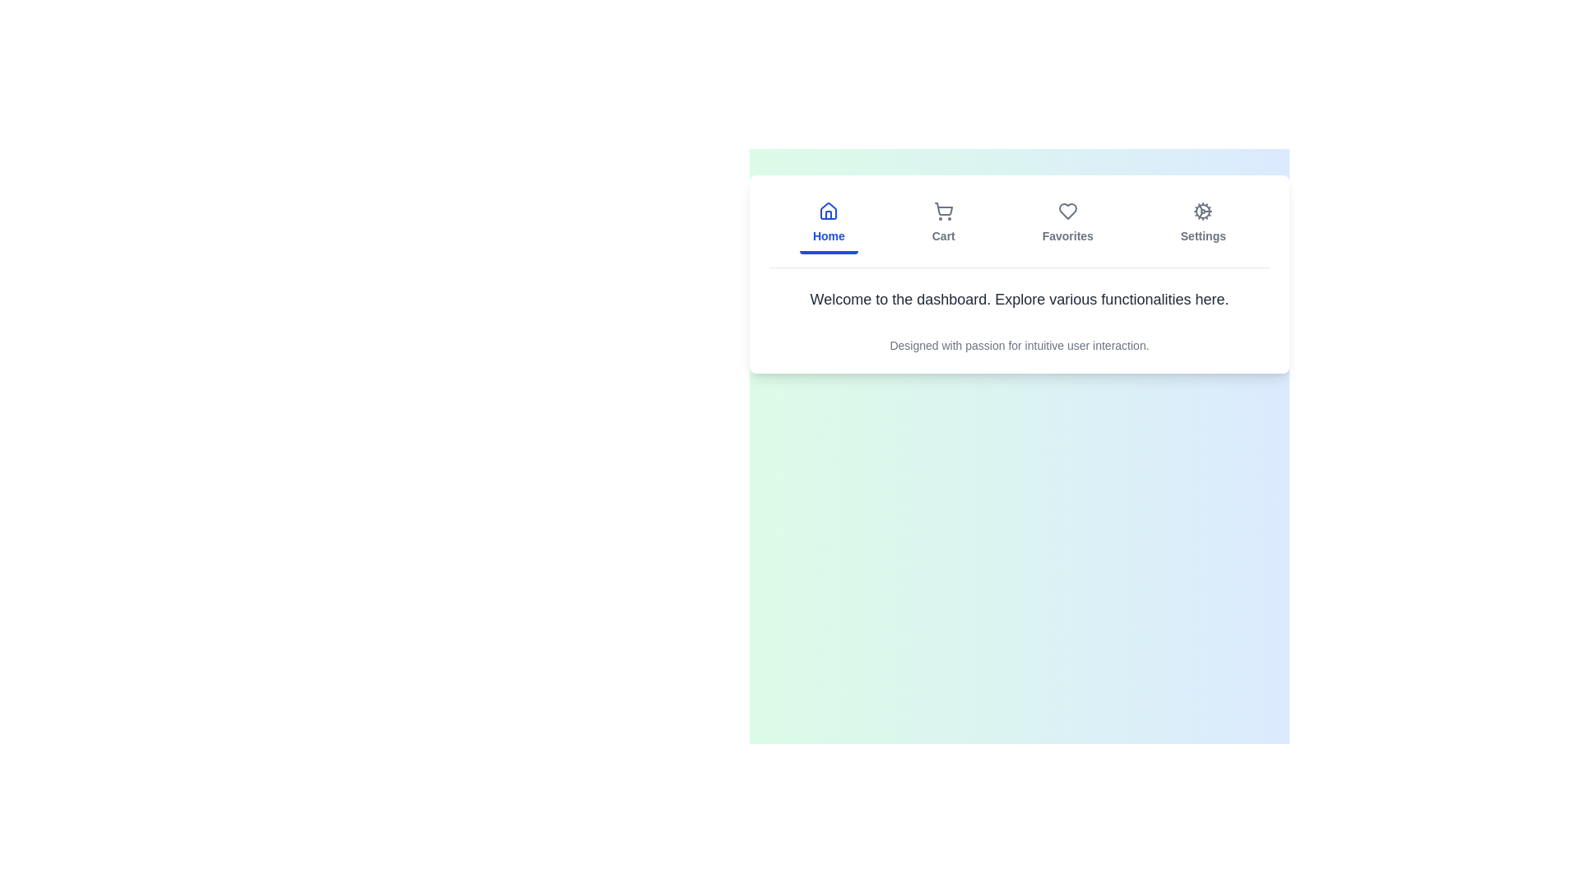 The height and width of the screenshot is (889, 1580). What do you see at coordinates (1018, 231) in the screenshot?
I see `the Navigation Bar to switch between sections of the application such as Home, Cart, Favorites, and Settings` at bounding box center [1018, 231].